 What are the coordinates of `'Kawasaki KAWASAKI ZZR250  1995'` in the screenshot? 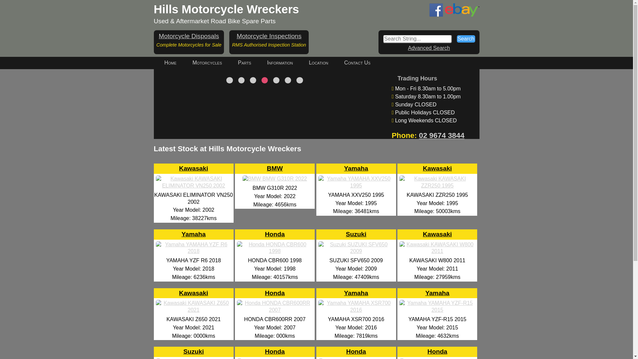 It's located at (437, 185).